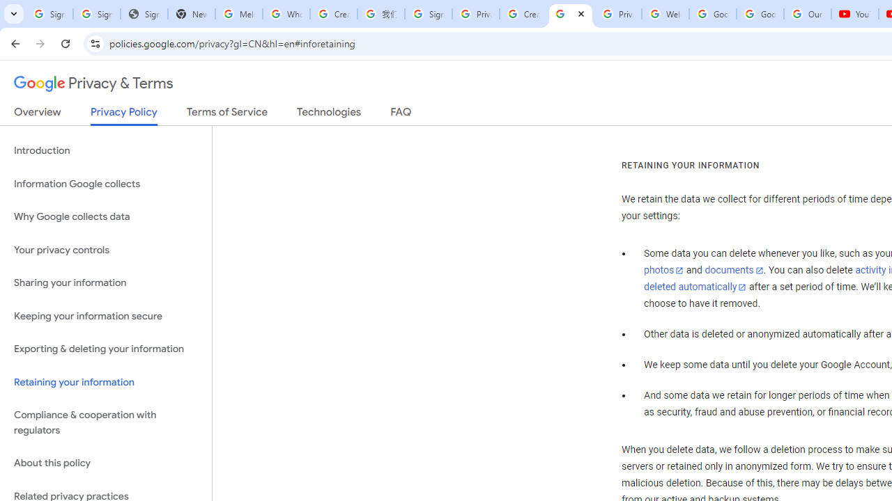 This screenshot has height=501, width=892. I want to click on 'Overview', so click(38, 114).